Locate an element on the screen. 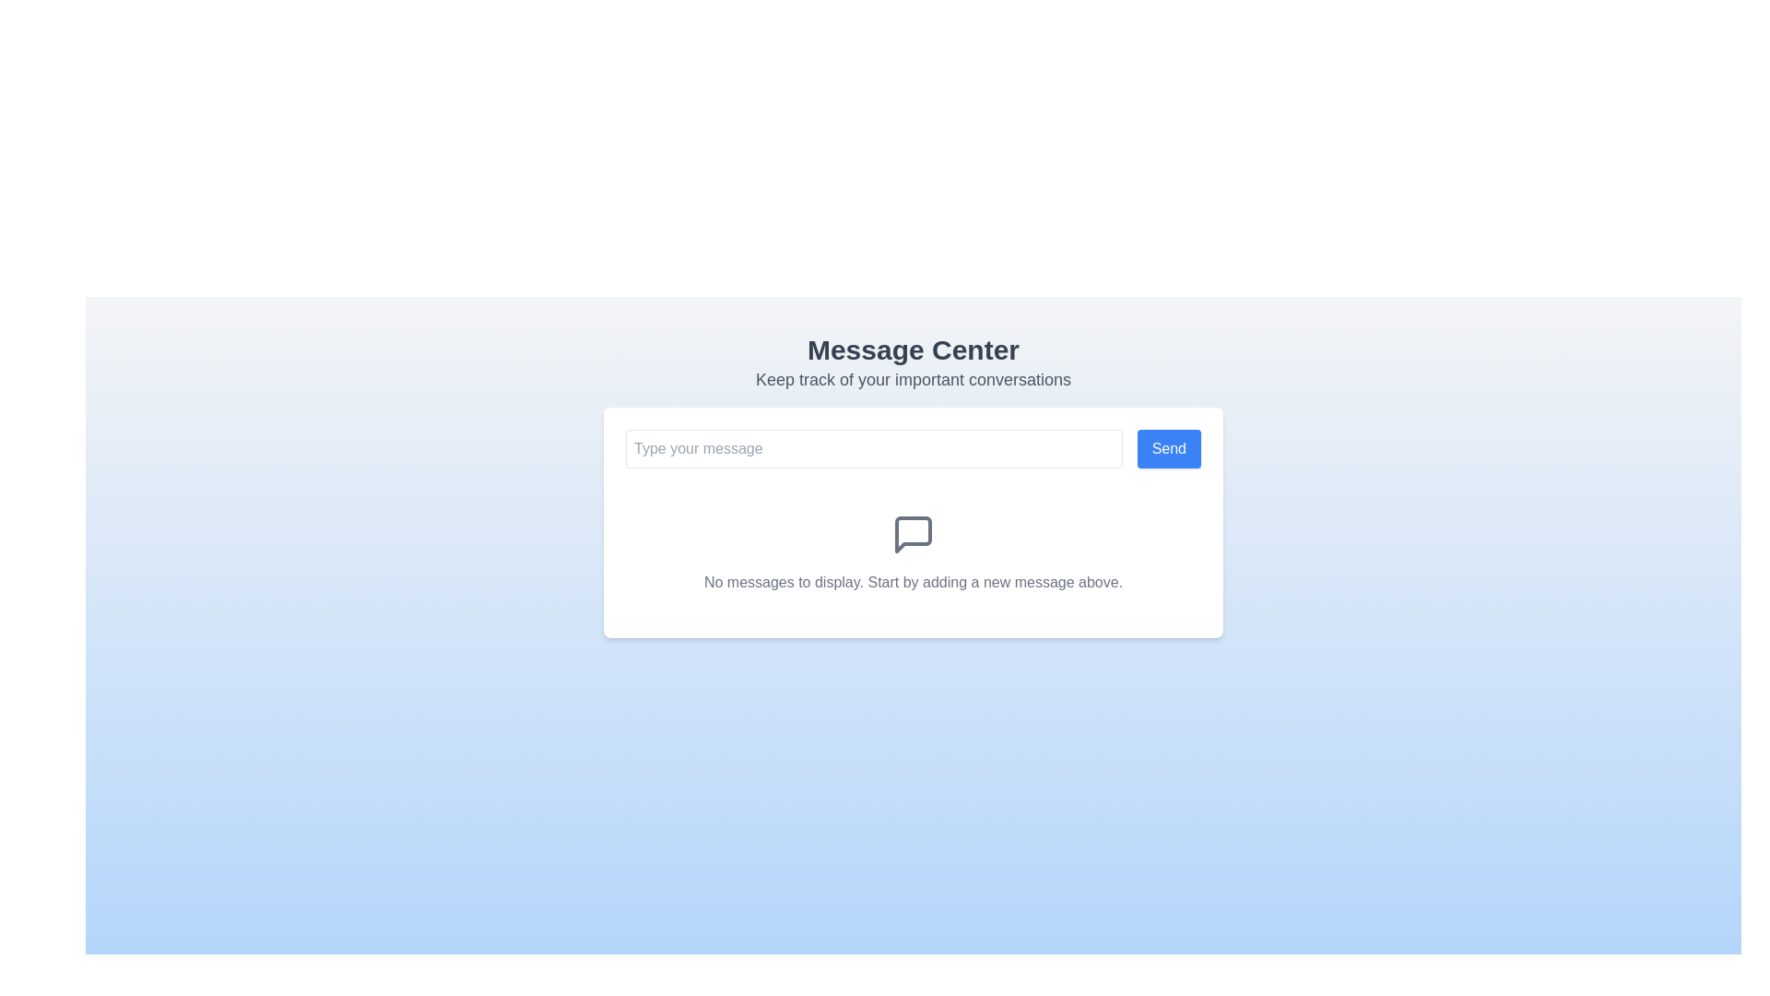  the 'Message Center' text element, which includes the heading and descriptive paragraph, located at the upper section of the main content area with a light blue gradient background is located at coordinates (913, 362).